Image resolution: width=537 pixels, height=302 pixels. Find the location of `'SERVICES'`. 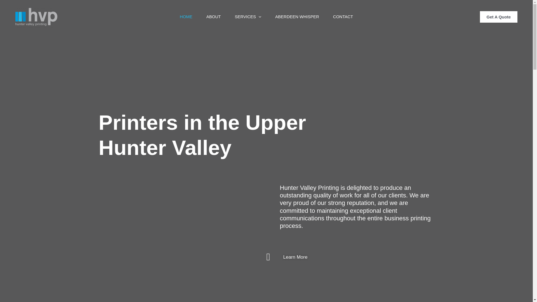

'SERVICES' is located at coordinates (248, 16).